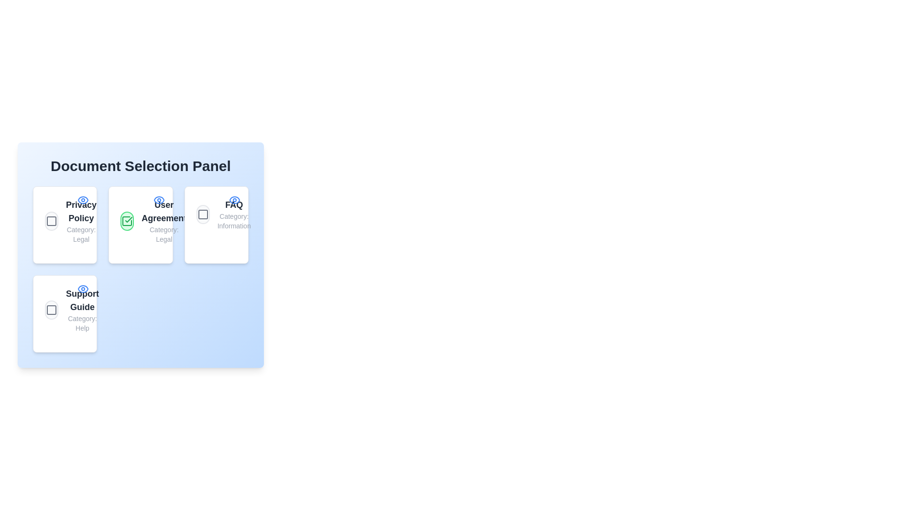  What do you see at coordinates (234, 200) in the screenshot?
I see `the 'Eye' icon of the FAQ document to view its details` at bounding box center [234, 200].